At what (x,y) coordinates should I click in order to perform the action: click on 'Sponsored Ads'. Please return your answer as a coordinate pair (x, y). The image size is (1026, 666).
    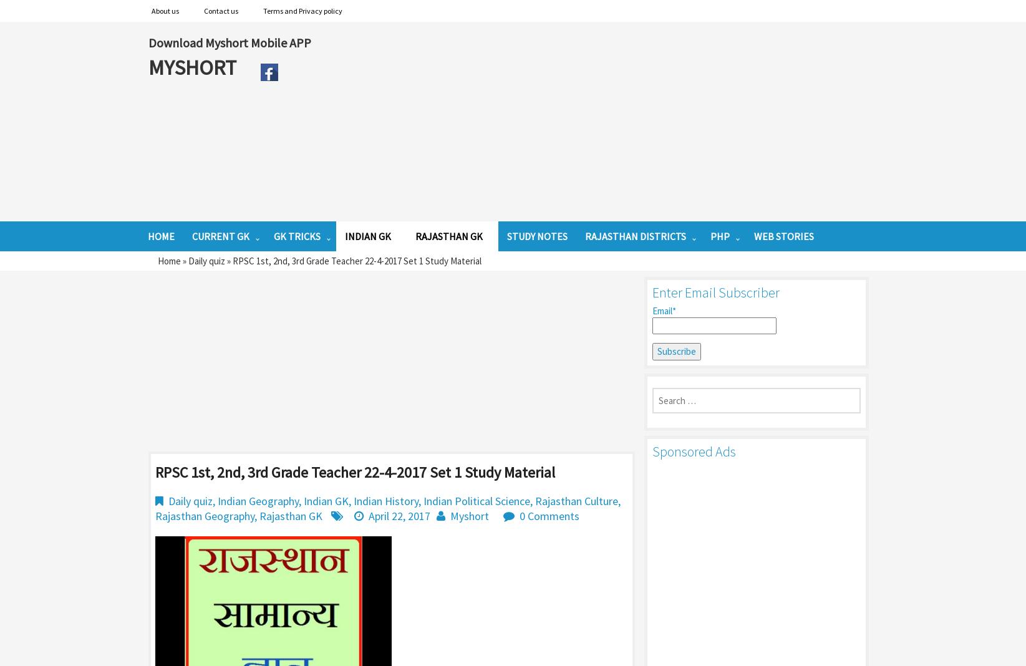
    Looking at the image, I should click on (652, 451).